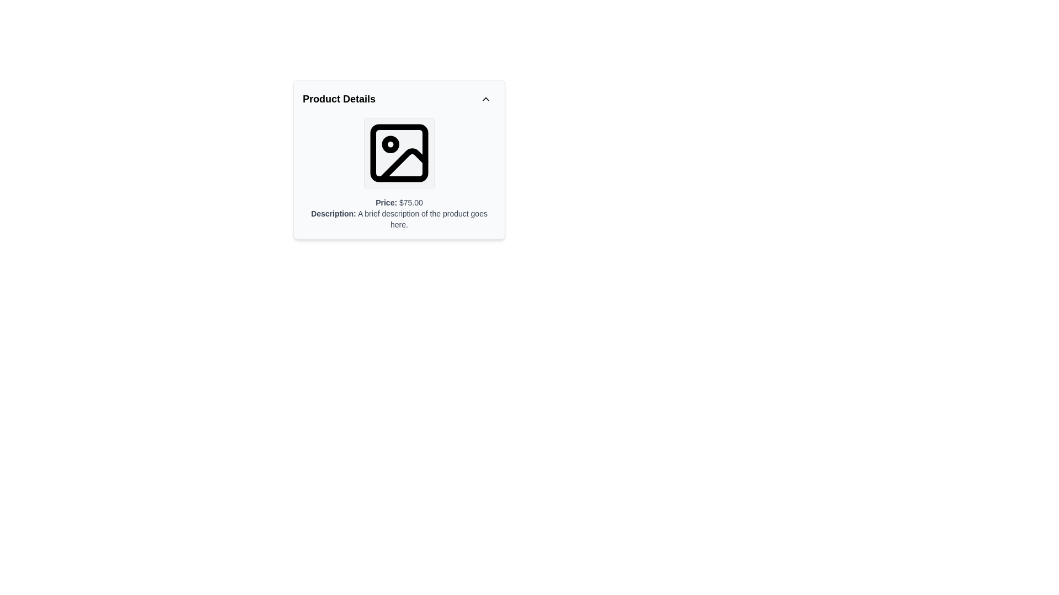 The height and width of the screenshot is (595, 1059). I want to click on the product icon located above the price and description text in the 'Product Details' card layout, so click(399, 153).